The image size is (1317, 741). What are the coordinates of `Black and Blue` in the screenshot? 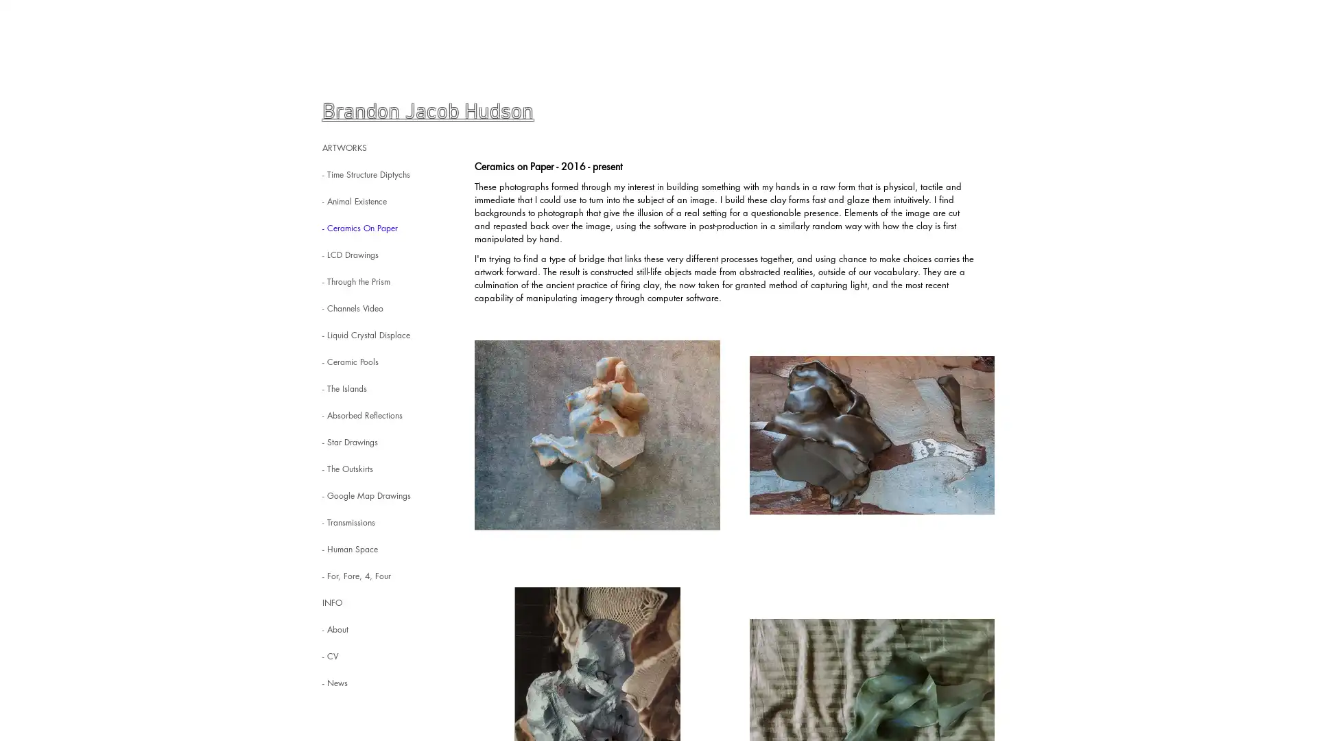 It's located at (871, 435).